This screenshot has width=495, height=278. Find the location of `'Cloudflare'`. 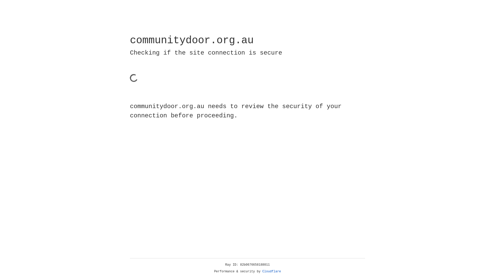

'Cloudflare' is located at coordinates (262, 271).